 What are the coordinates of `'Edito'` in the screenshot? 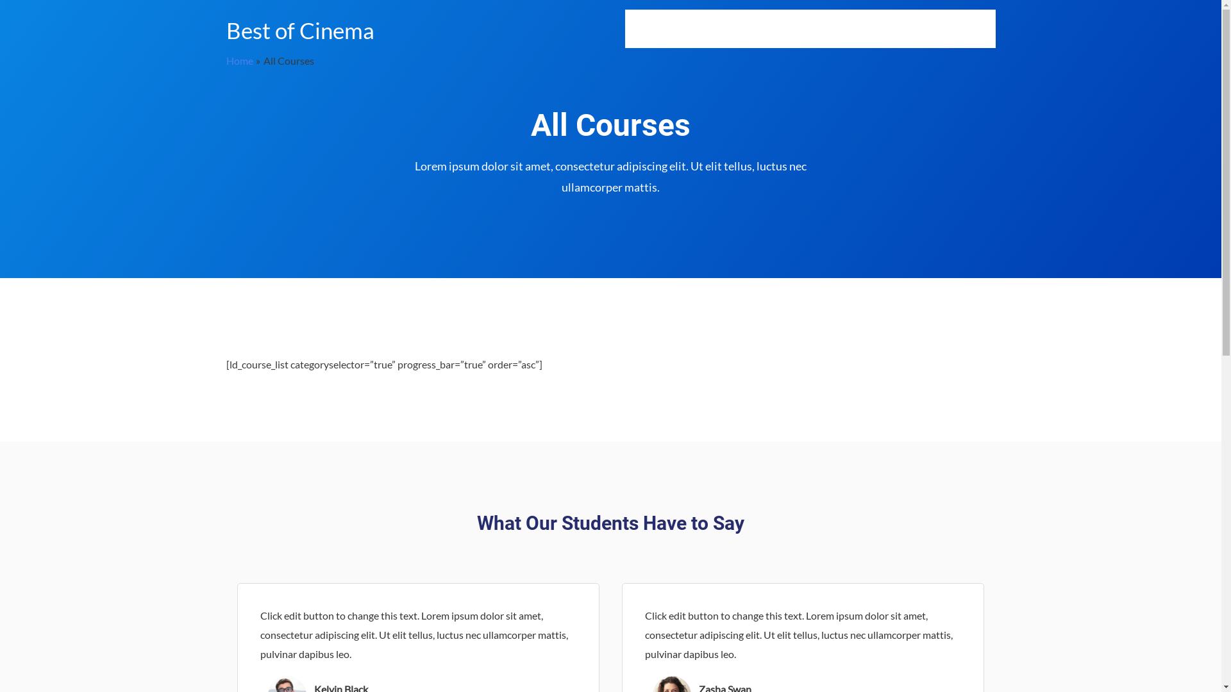 It's located at (921, 29).